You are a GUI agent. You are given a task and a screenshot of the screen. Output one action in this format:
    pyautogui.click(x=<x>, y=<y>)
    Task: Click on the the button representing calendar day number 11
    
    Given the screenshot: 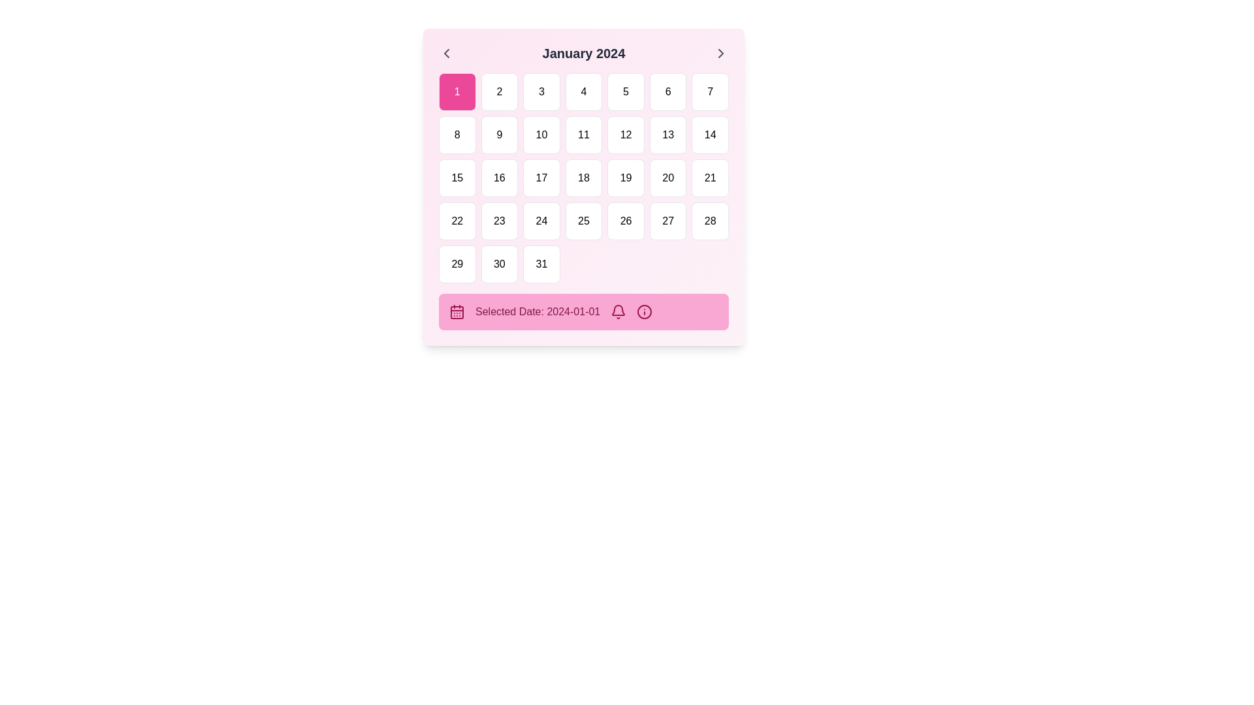 What is the action you would take?
    pyautogui.click(x=583, y=135)
    